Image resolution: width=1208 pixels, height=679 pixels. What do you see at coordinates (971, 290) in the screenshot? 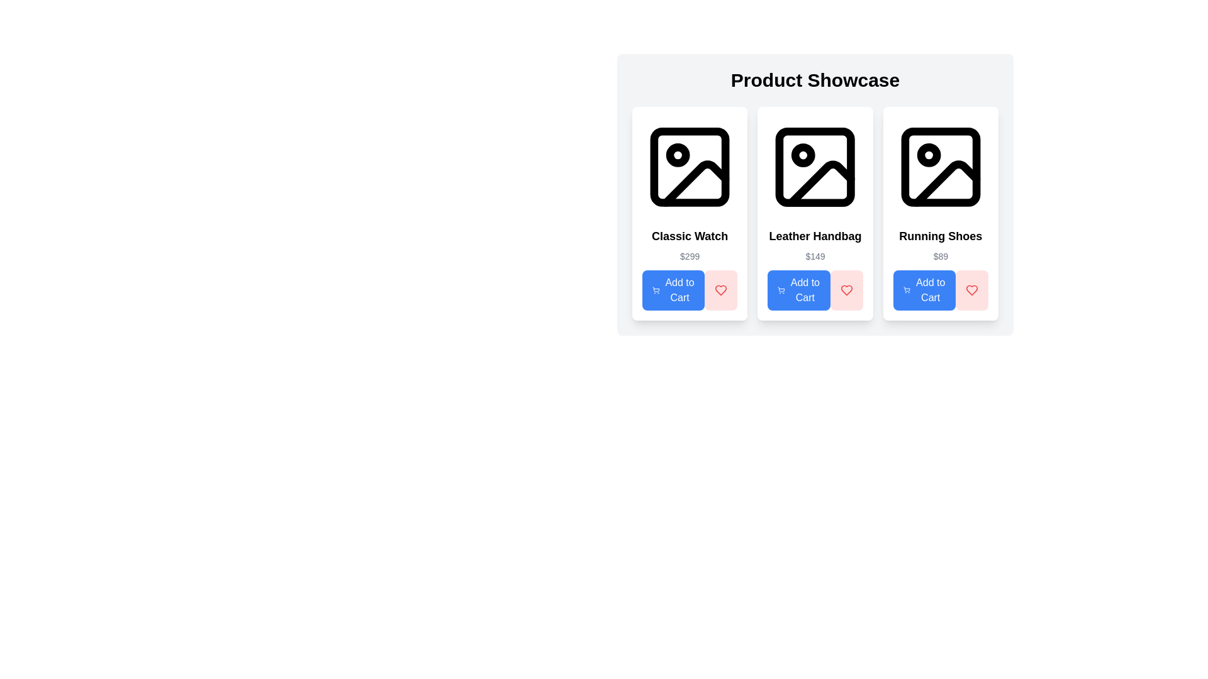
I see `the favorite icon in the third product card for 'Running Shoes'` at bounding box center [971, 290].